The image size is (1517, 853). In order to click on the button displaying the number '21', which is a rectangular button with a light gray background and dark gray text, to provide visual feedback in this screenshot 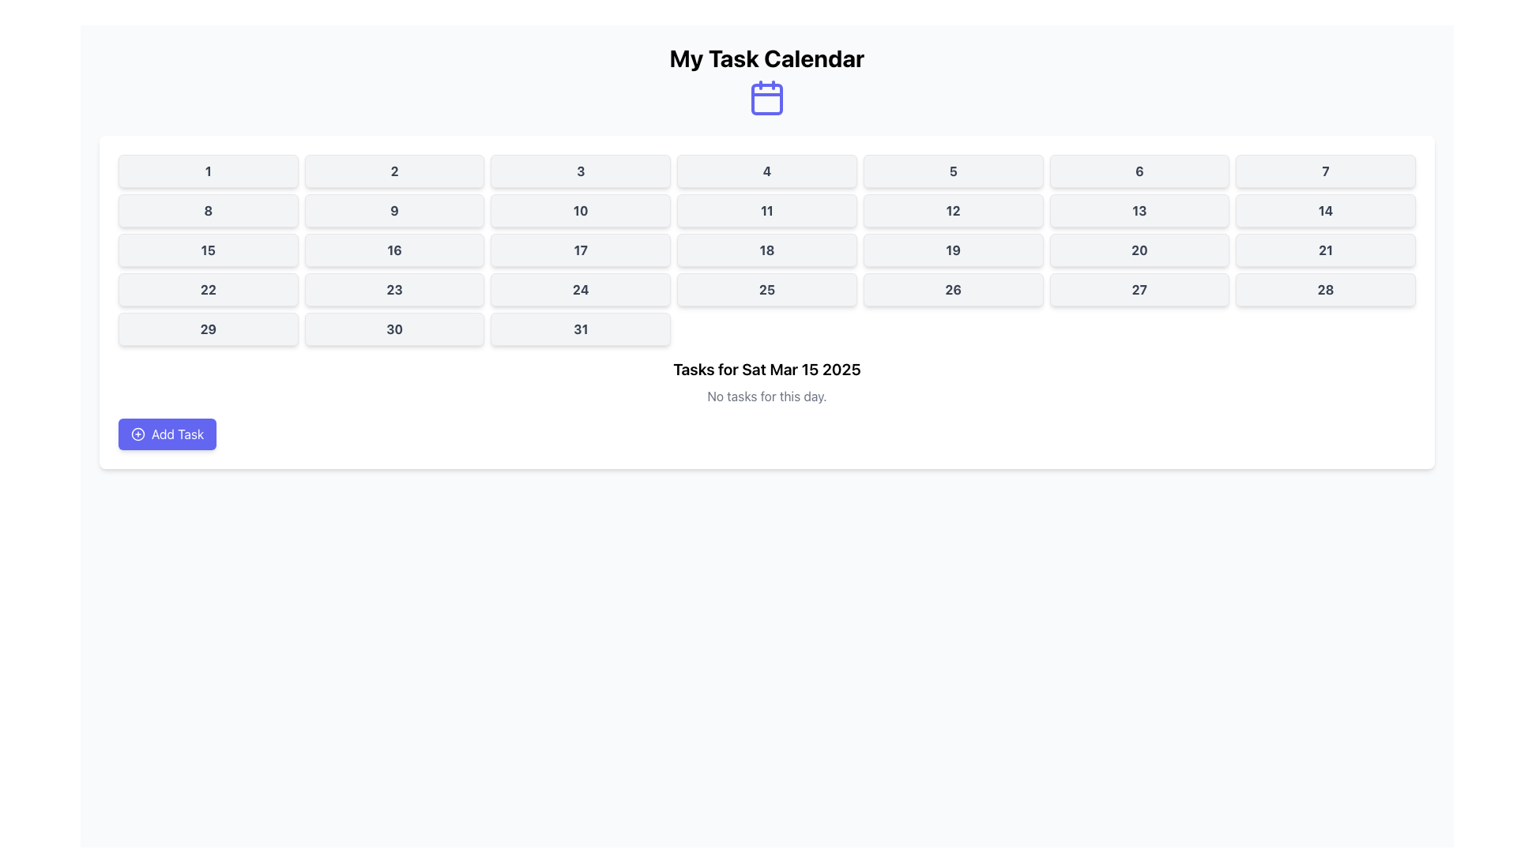, I will do `click(1326, 249)`.